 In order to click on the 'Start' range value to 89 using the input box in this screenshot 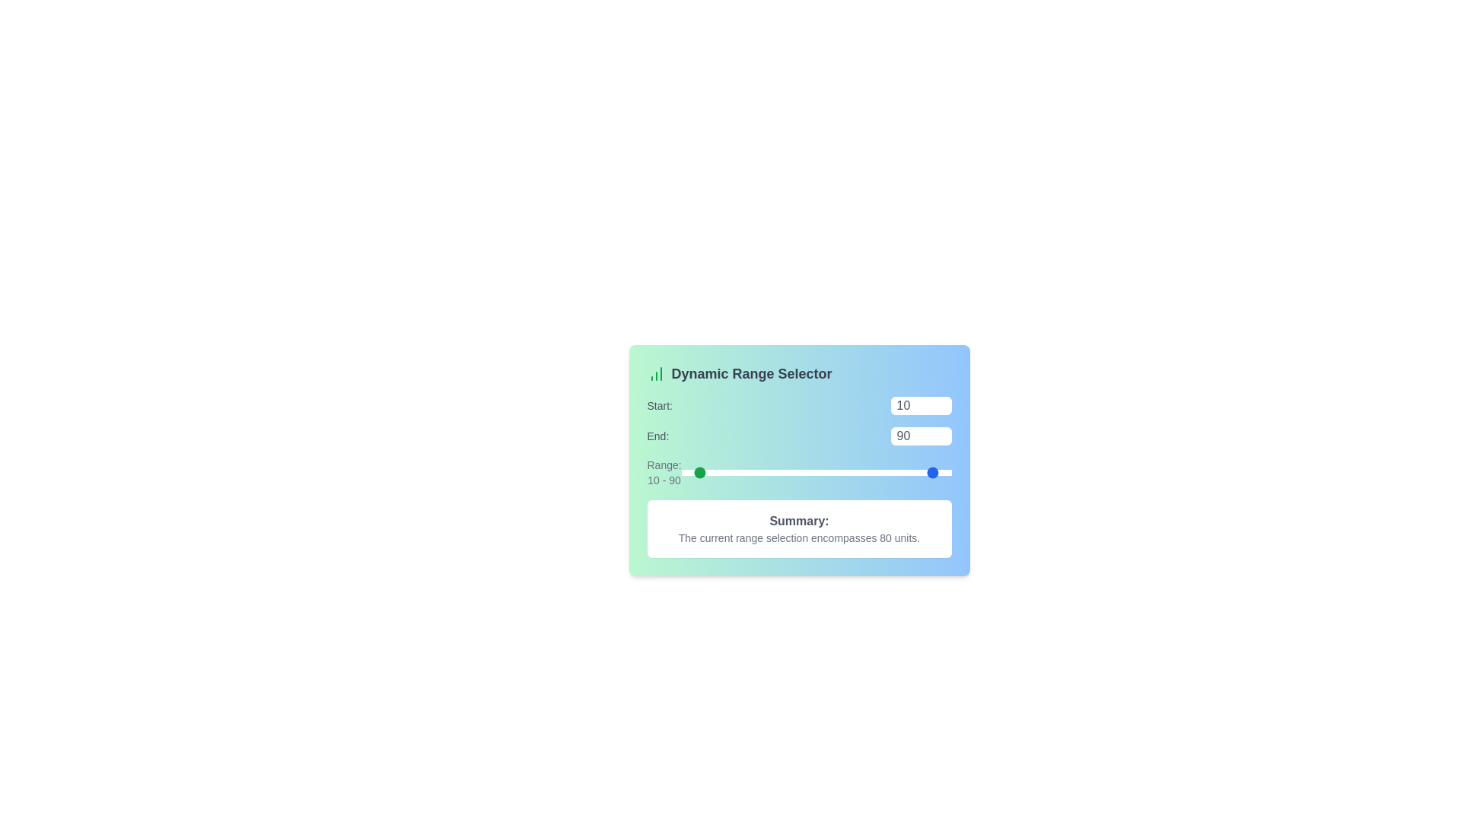, I will do `click(920, 404)`.